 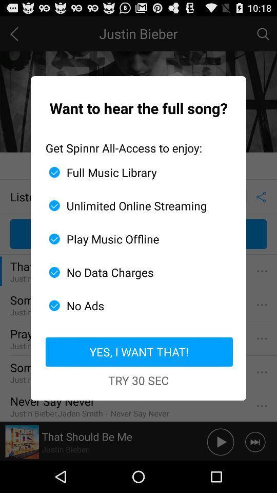 What do you see at coordinates (134, 239) in the screenshot?
I see `the item below unlimited online streaming app` at bounding box center [134, 239].